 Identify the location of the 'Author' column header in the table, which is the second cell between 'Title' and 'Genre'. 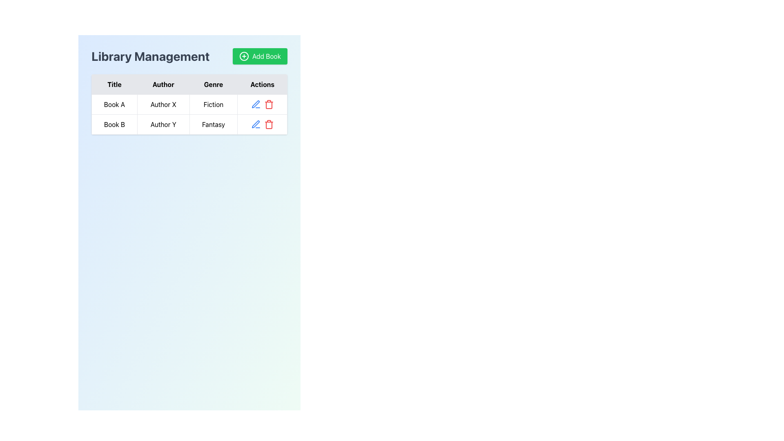
(163, 85).